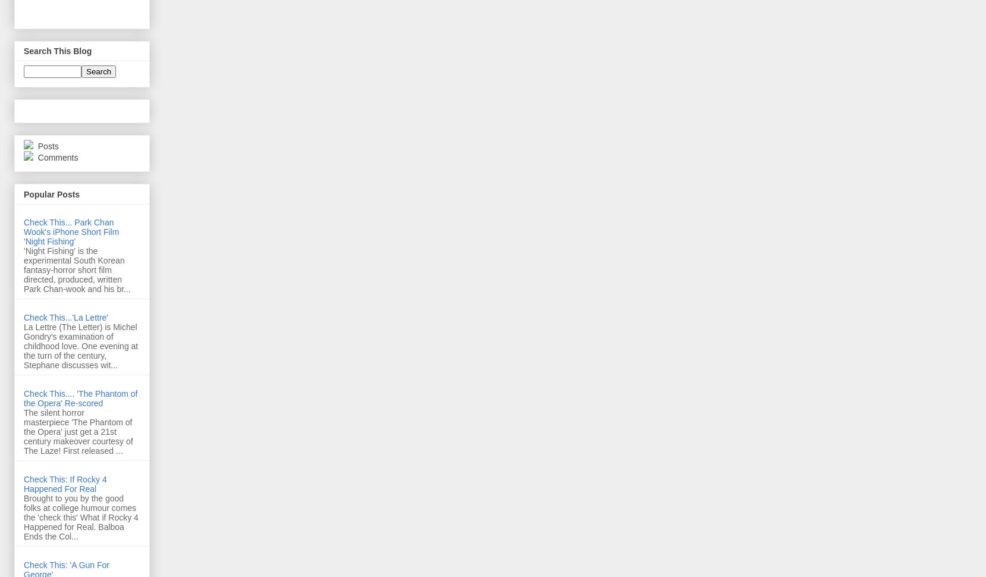 The image size is (986, 577). Describe the element at coordinates (23, 345) in the screenshot. I see `'La Lettre (The Letter) is Michel Gondry's examination of childhood love. One evening at the turn of the century, Stephane discusses wit...'` at that location.